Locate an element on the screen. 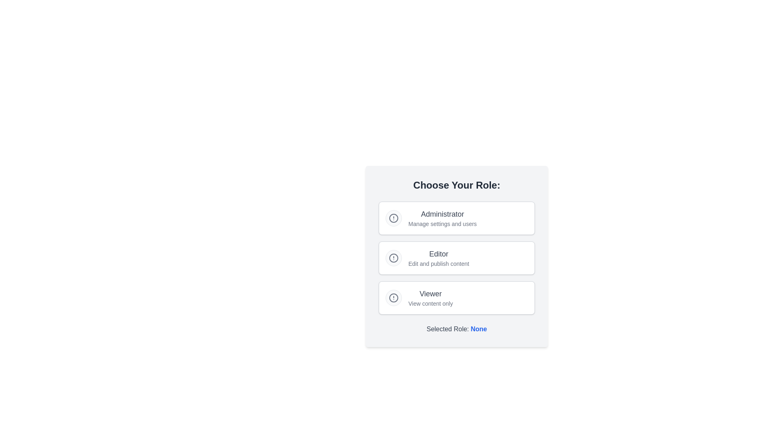 This screenshot has height=439, width=781. the circular icon with a light gray background and a centered gray exclamation mark symbol, located to the left of the text 'Editor' in the 'Editor' role selection card is located at coordinates (394, 258).